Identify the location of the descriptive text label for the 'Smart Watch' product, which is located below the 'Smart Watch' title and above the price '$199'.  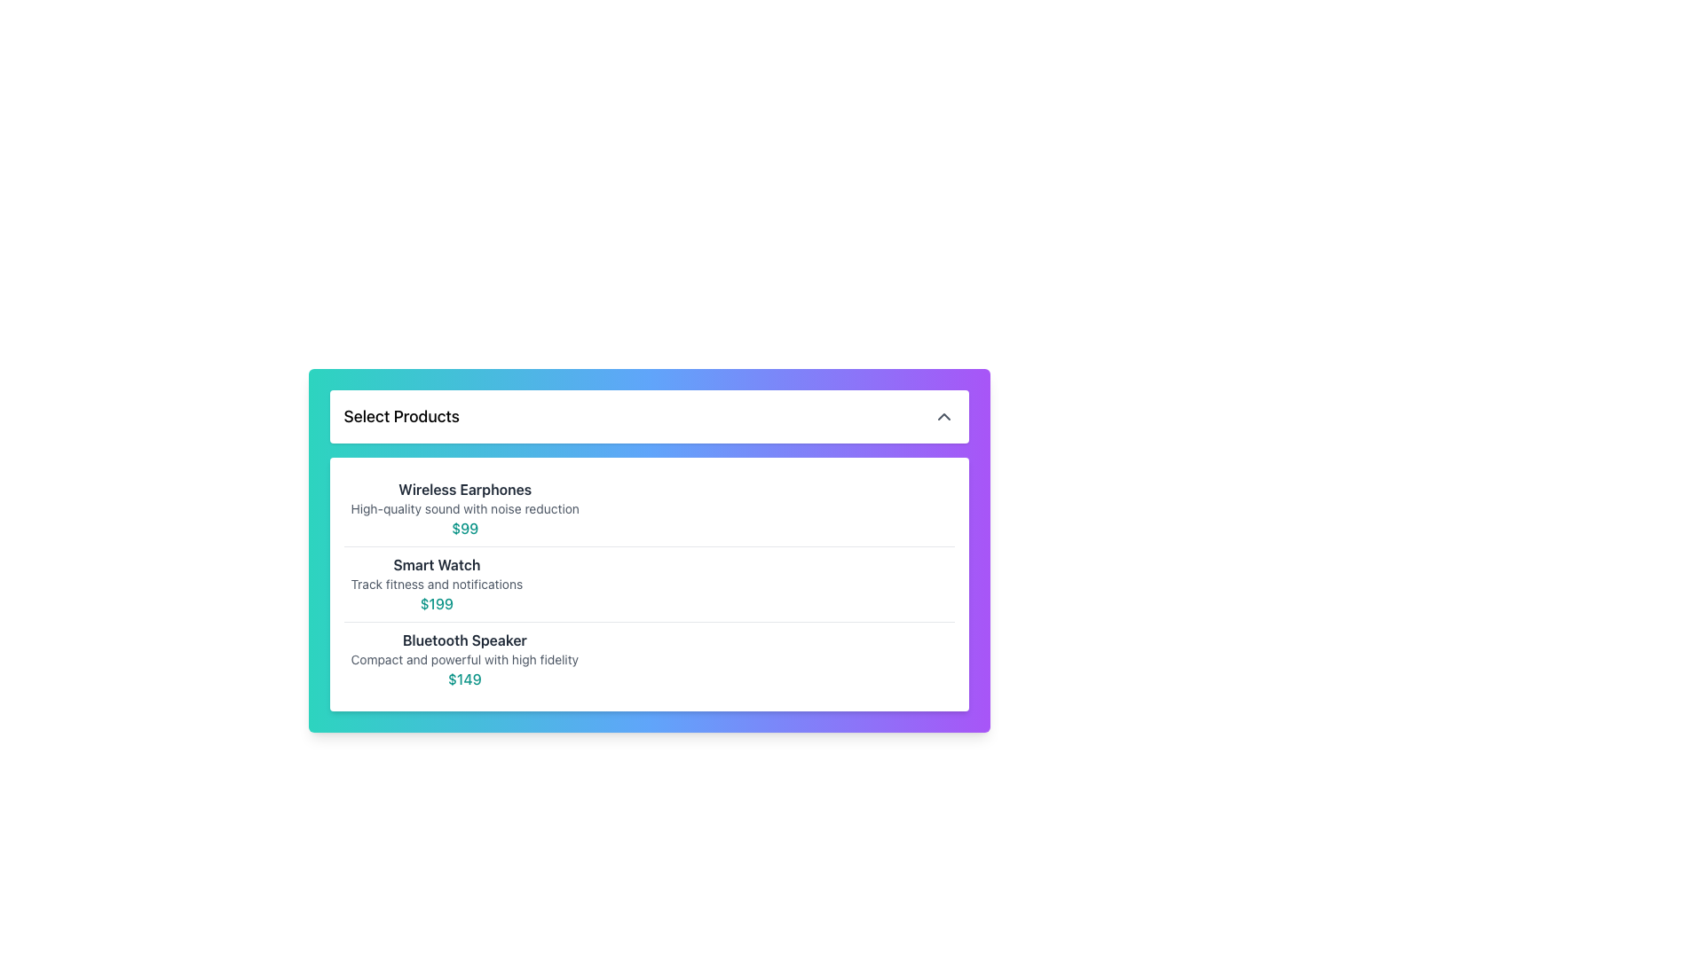
(437, 585).